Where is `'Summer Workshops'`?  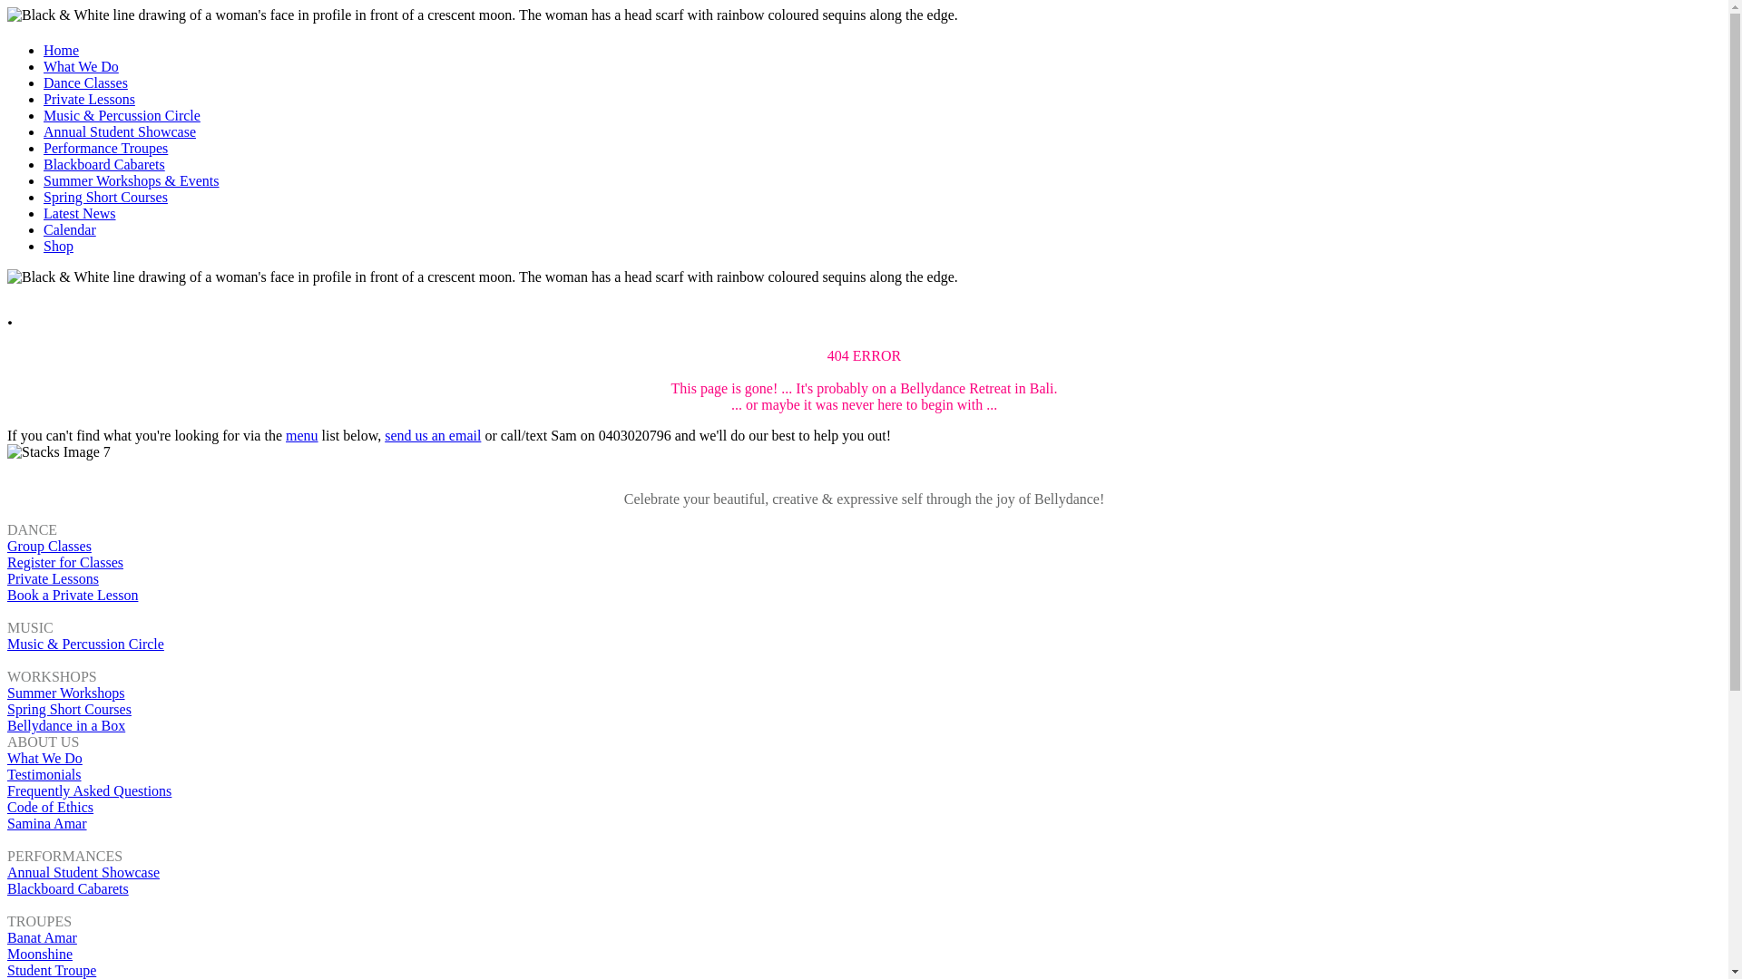 'Summer Workshops' is located at coordinates (7, 693).